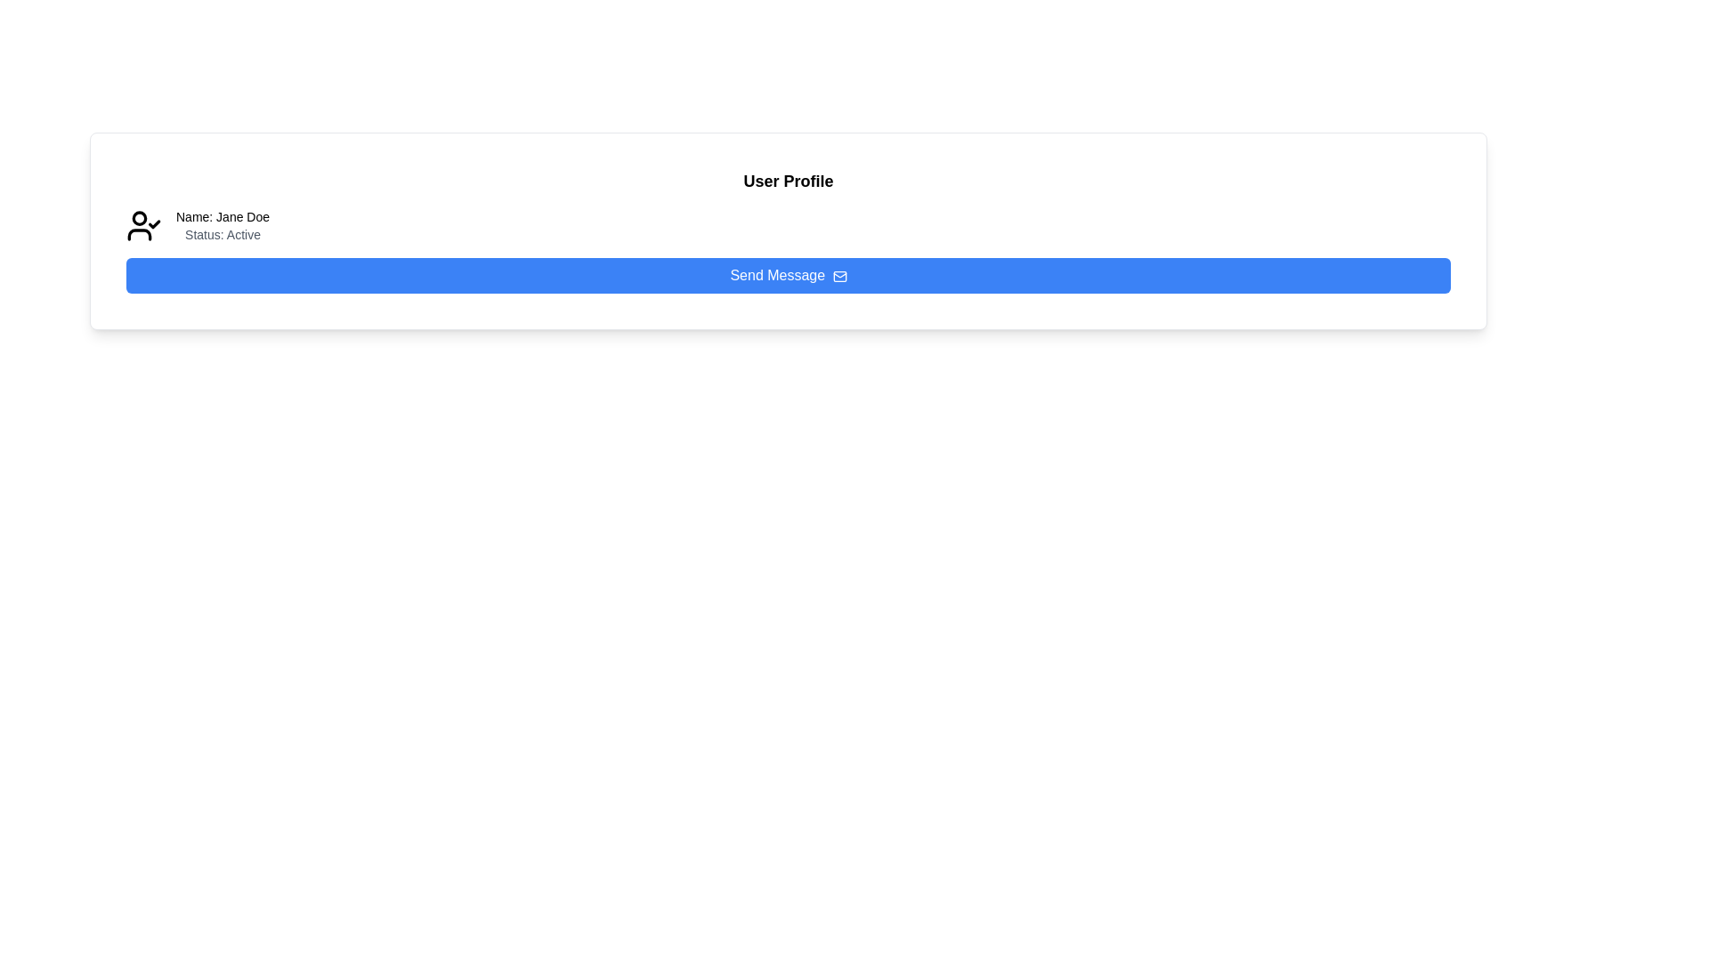  Describe the element at coordinates (144, 225) in the screenshot. I see `the verified status icon located to the left of the text block displaying 'Name: Jane Doe' and 'Status: Active'` at that location.